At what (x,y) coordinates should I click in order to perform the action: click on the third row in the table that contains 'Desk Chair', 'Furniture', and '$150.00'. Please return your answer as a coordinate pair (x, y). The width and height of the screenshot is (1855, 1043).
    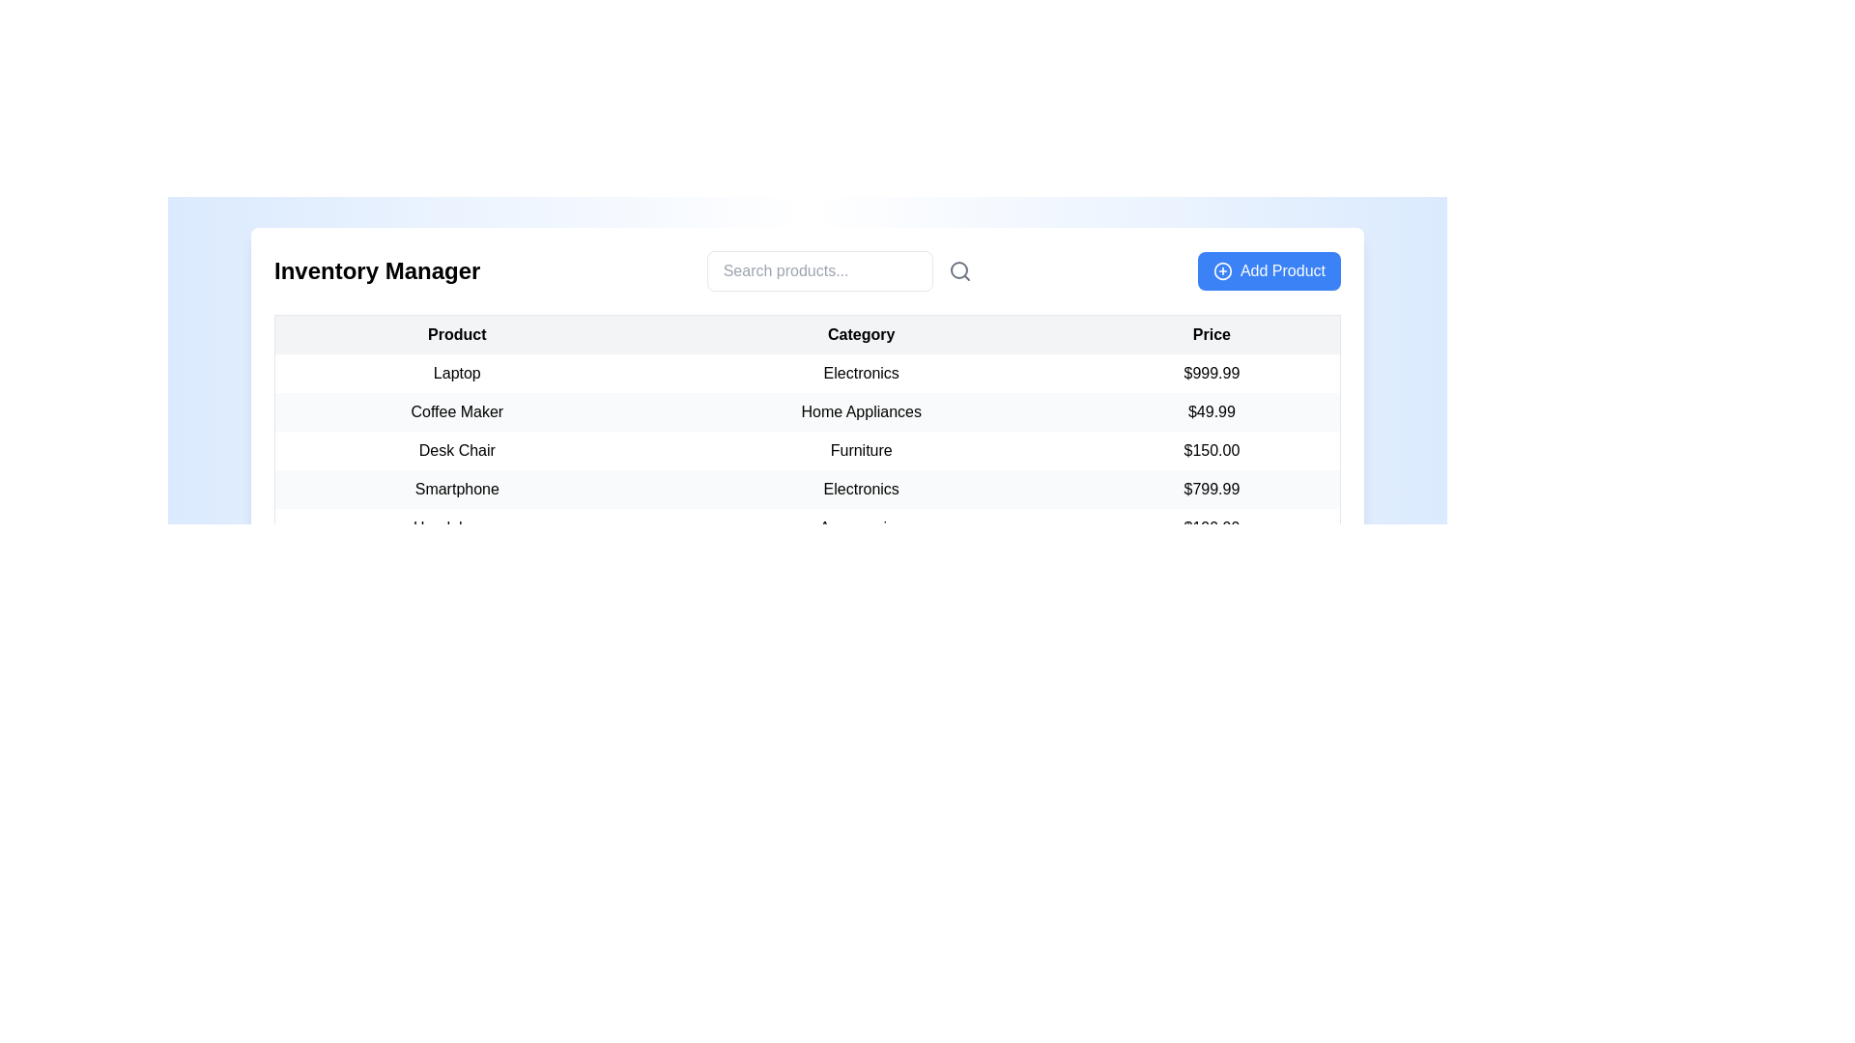
    Looking at the image, I should click on (807, 450).